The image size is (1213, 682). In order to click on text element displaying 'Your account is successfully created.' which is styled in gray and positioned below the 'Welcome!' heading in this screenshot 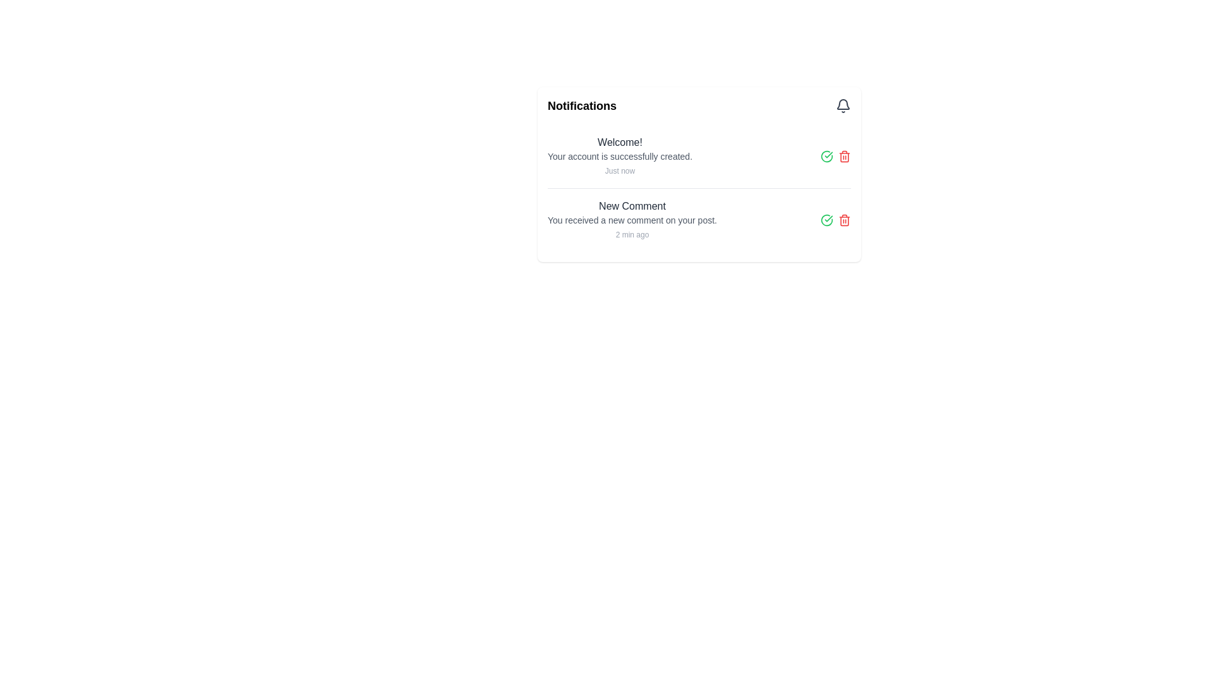, I will do `click(620, 155)`.